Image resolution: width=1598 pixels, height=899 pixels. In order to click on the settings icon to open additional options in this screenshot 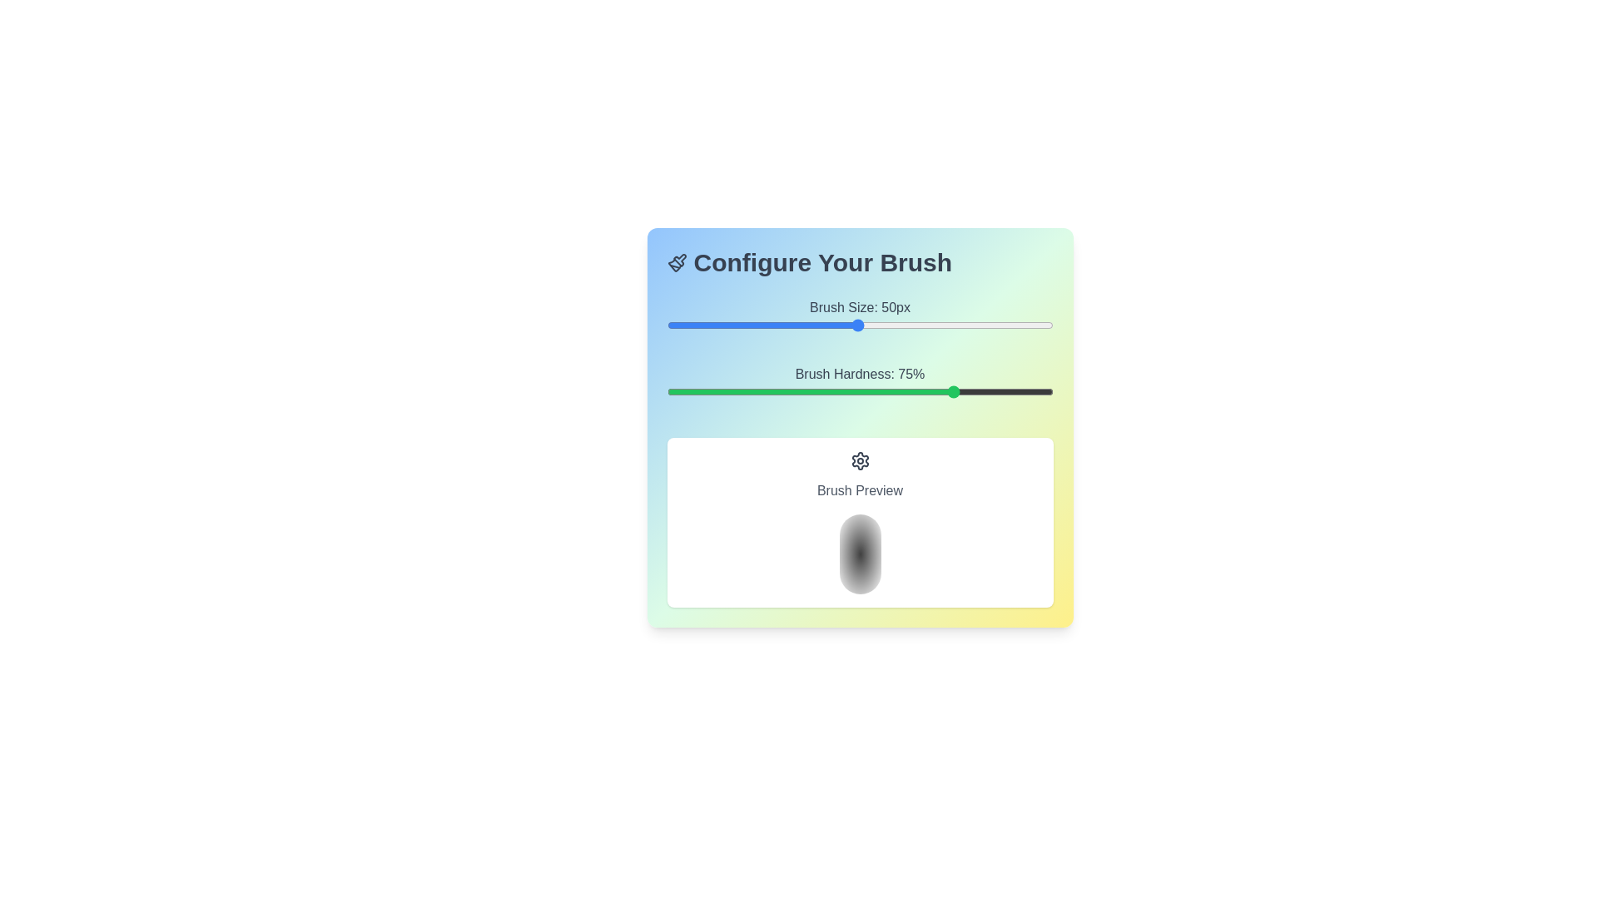, I will do `click(860, 461)`.